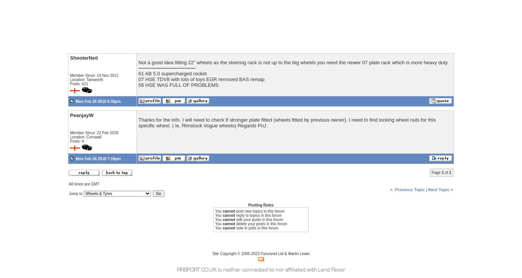  I want to click on 'Location: Cornwall', so click(85, 137).